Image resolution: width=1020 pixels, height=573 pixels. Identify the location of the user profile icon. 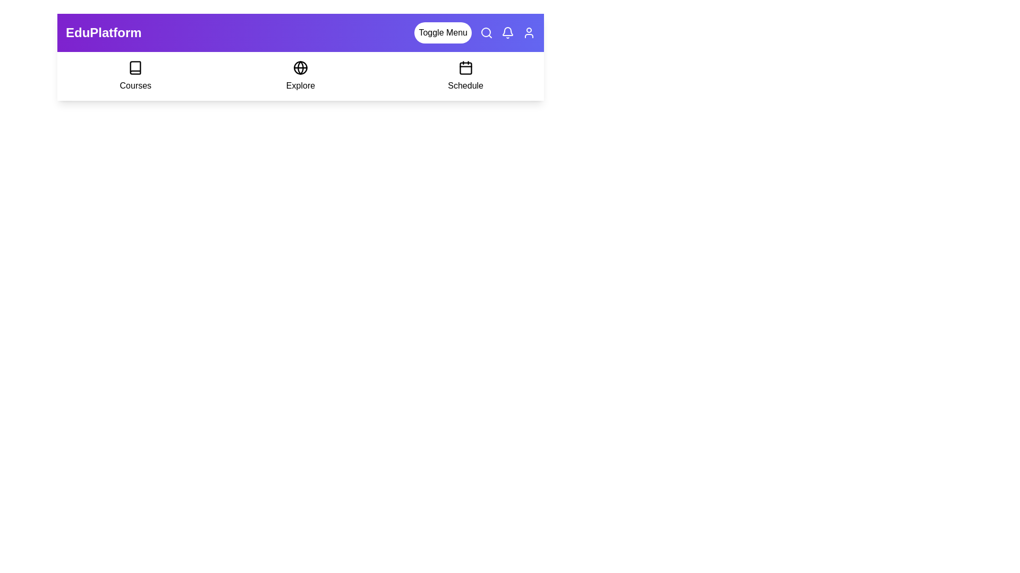
(529, 32).